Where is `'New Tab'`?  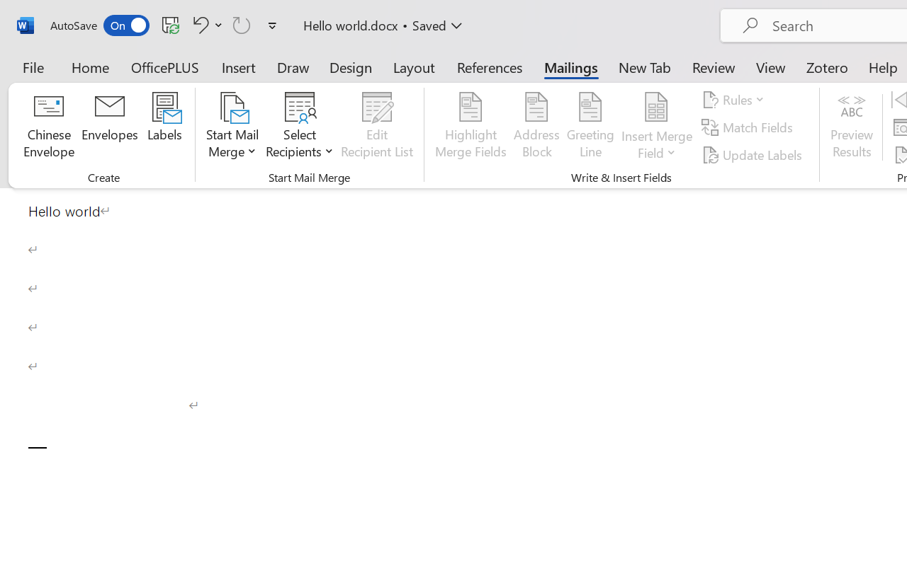
'New Tab' is located at coordinates (644, 67).